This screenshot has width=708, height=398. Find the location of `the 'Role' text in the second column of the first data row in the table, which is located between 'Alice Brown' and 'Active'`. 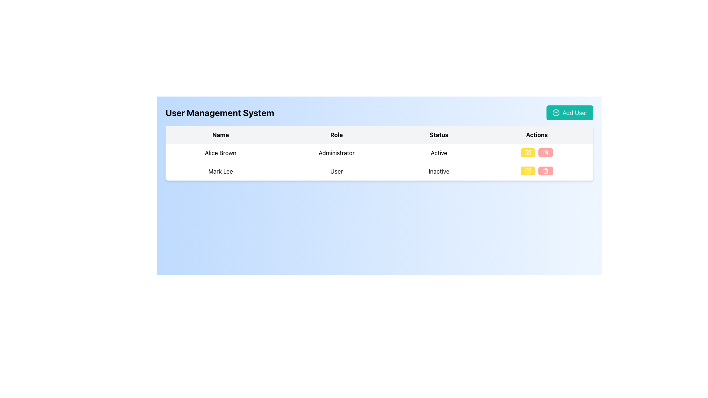

the 'Role' text in the second column of the first data row in the table, which is located between 'Alice Brown' and 'Active' is located at coordinates (336, 153).